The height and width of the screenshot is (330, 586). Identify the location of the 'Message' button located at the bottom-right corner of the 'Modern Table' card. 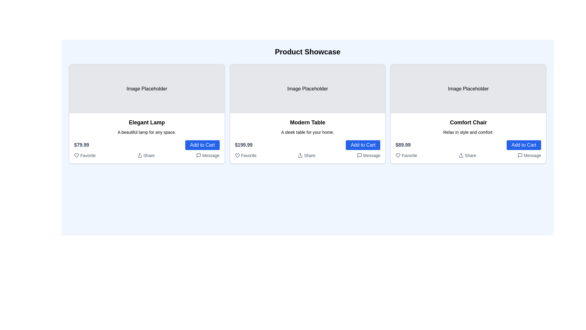
(368, 155).